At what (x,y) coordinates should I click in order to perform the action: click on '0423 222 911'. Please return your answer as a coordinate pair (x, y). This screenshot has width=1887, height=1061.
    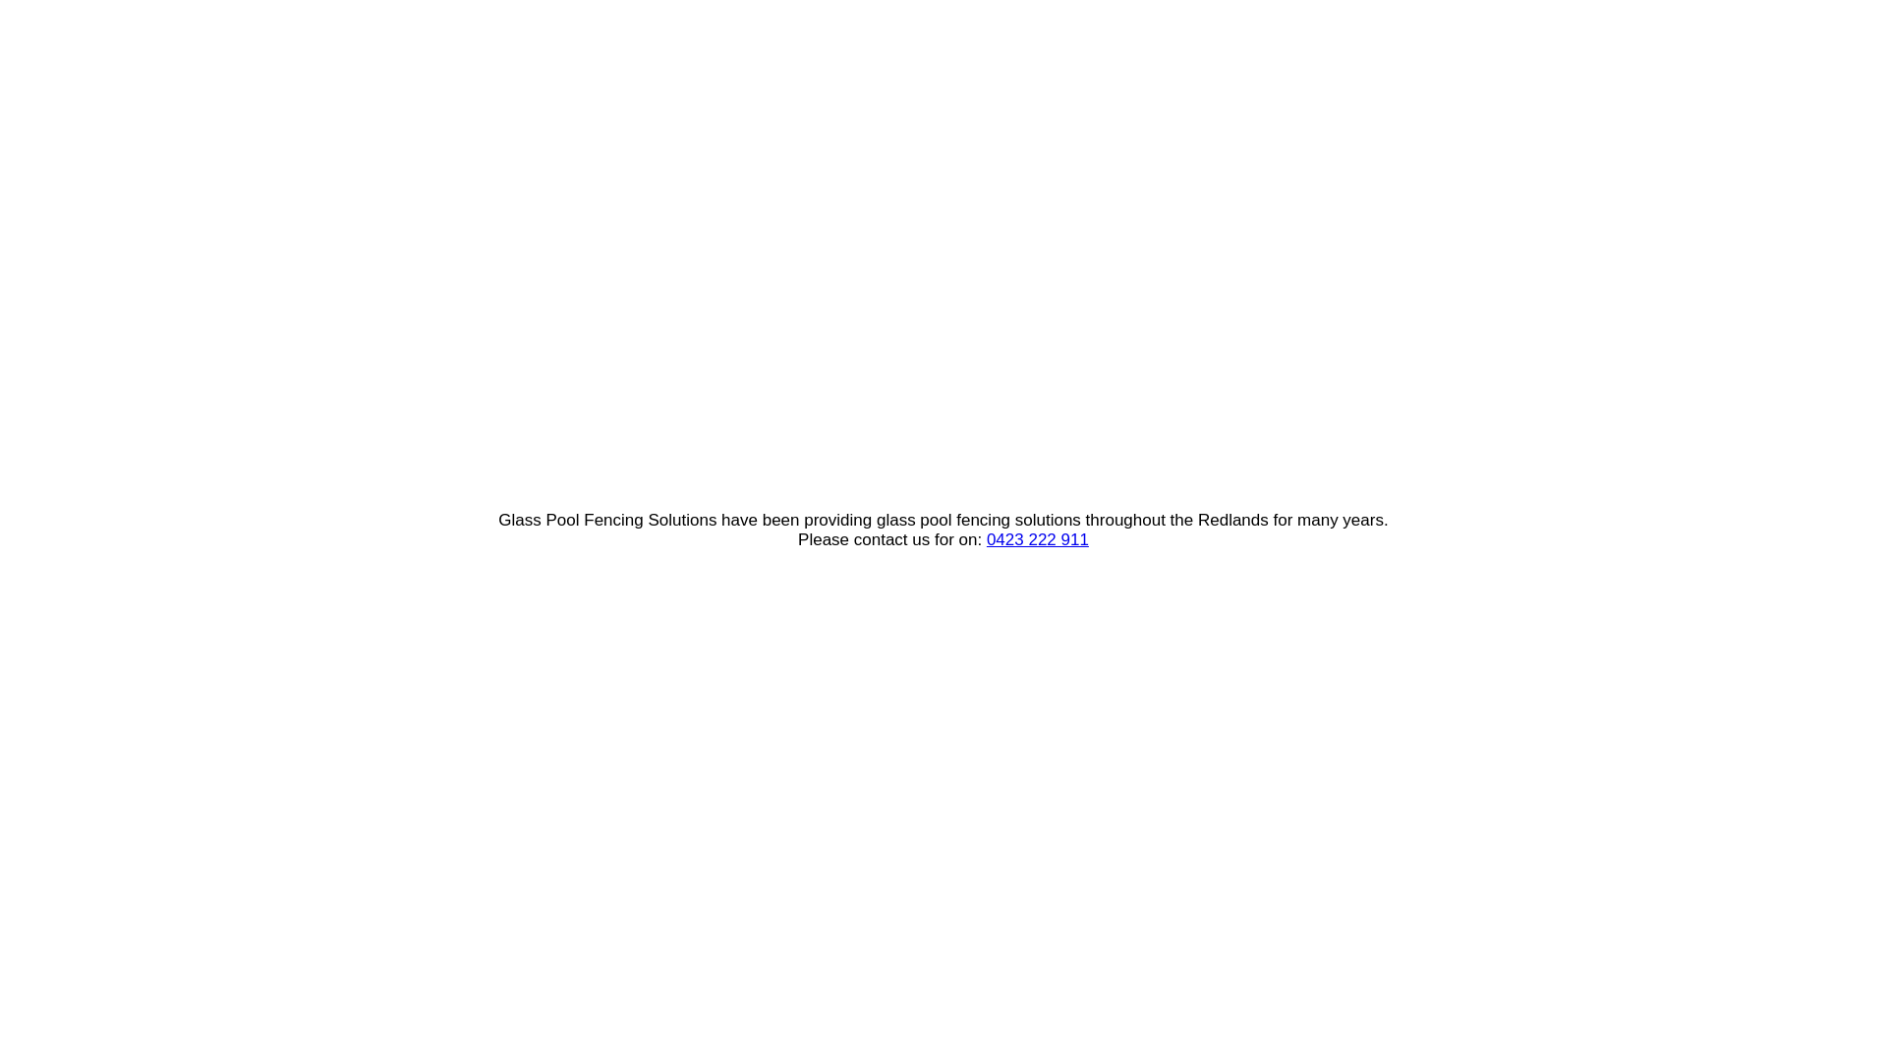
    Looking at the image, I should click on (1037, 539).